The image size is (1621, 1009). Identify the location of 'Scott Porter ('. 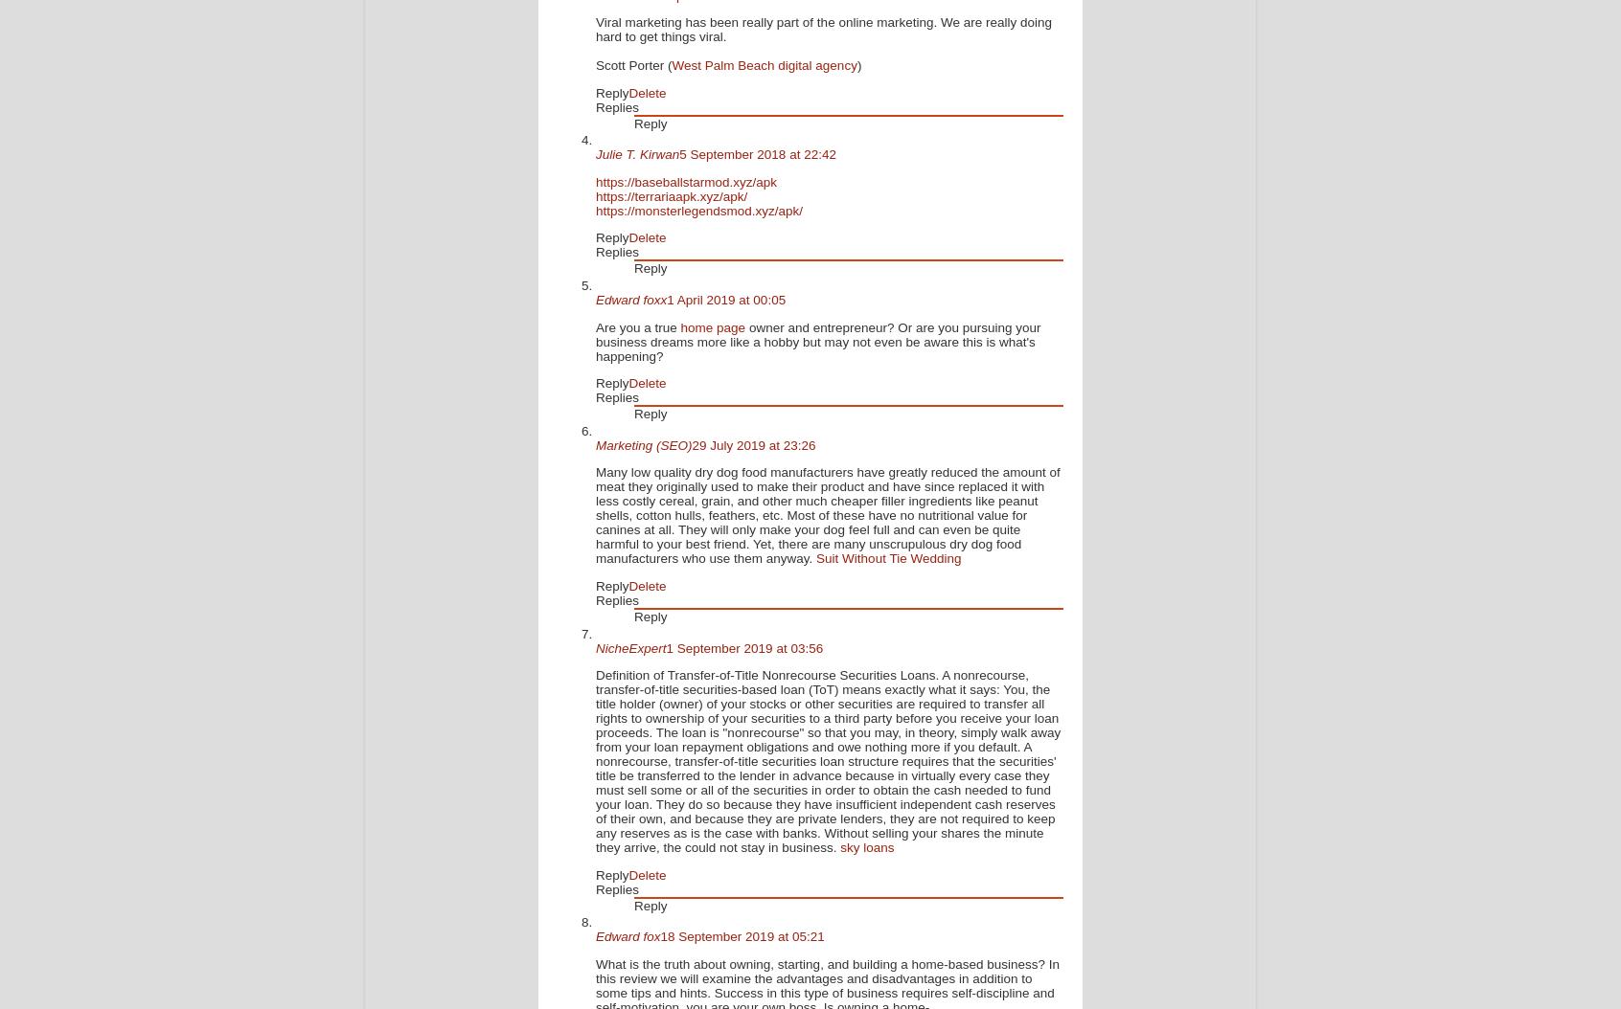
(633, 64).